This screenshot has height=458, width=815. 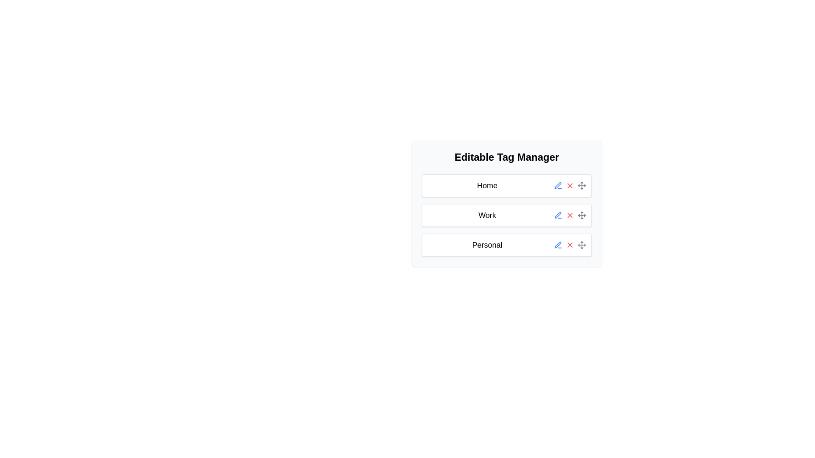 What do you see at coordinates (558, 215) in the screenshot?
I see `the pen icon in the Editable Tag Manager interface` at bounding box center [558, 215].